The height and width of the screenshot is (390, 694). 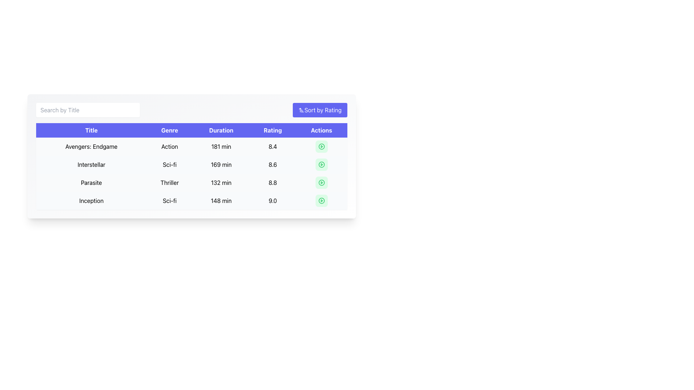 What do you see at coordinates (321, 146) in the screenshot?
I see `the Circular Outline of the interactive play button icon located in the 'Actions' column of the third row of the movie data table` at bounding box center [321, 146].